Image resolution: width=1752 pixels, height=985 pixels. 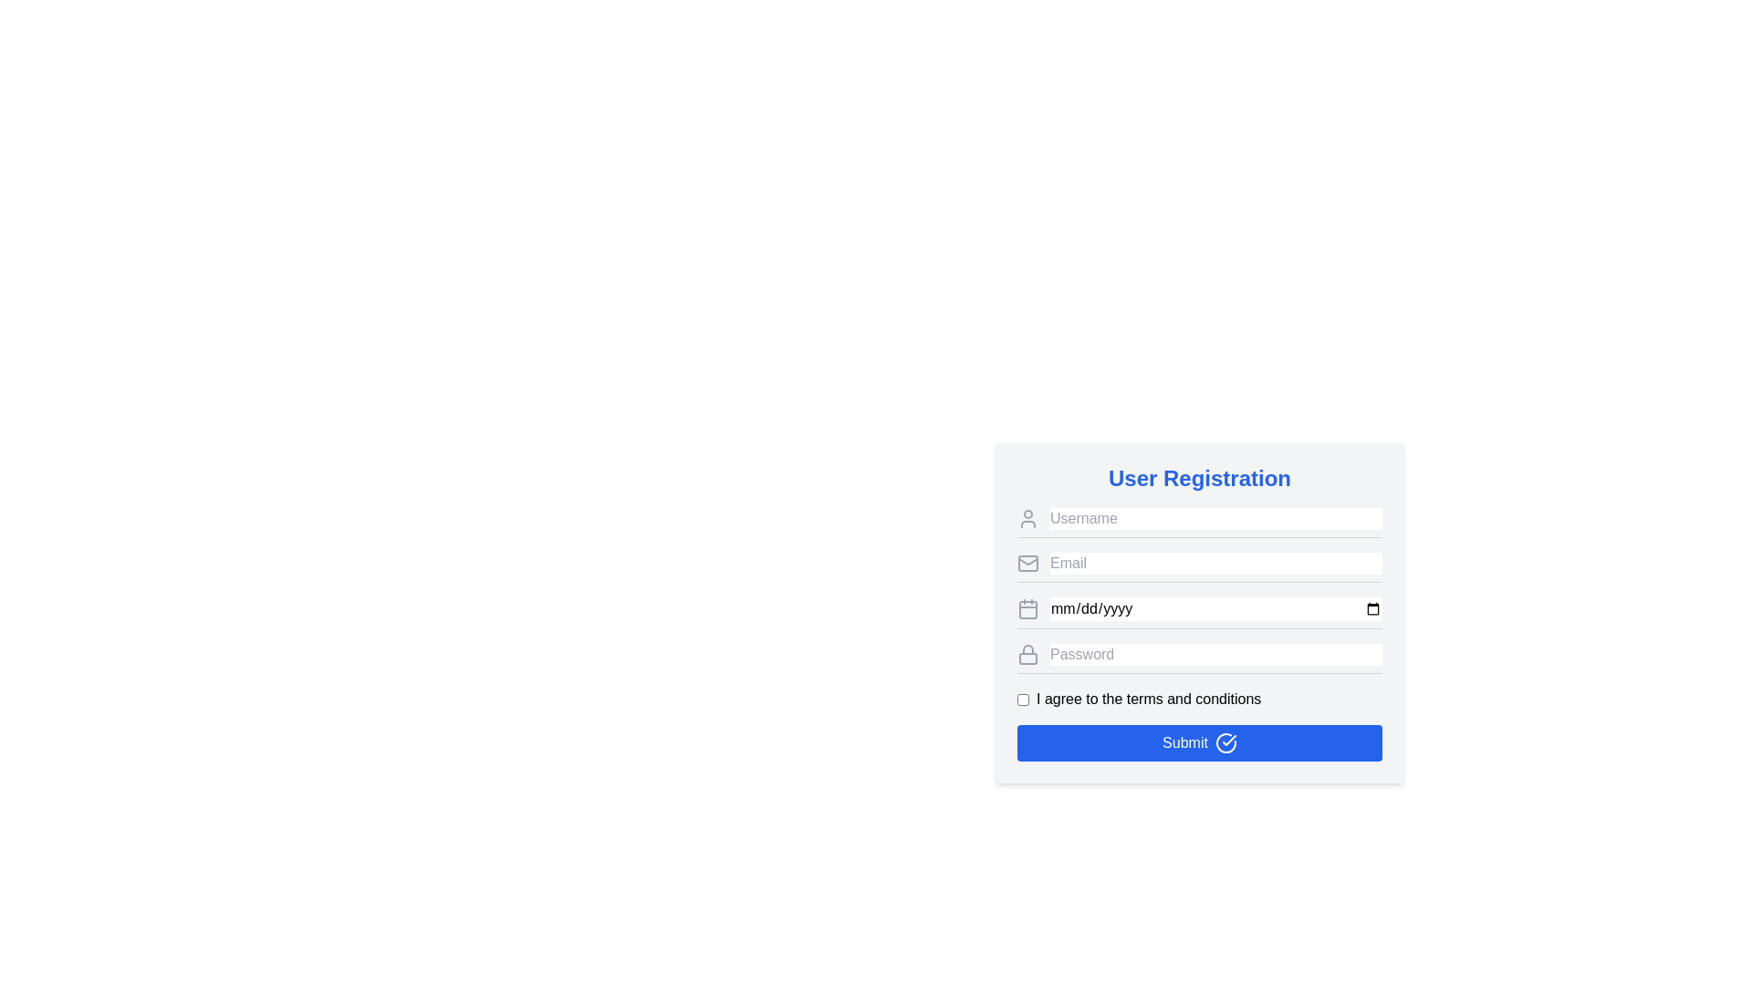 What do you see at coordinates (1028, 559) in the screenshot?
I see `the decorative icon indicating the purpose of the associated email input field in the 'User Registration' form, positioned as the second icon to the left of the email input` at bounding box center [1028, 559].